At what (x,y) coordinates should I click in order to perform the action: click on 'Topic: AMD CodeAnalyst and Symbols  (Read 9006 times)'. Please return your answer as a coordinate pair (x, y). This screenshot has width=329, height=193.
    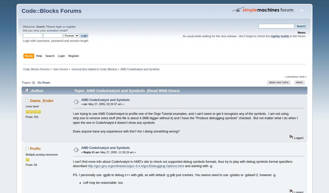
    Looking at the image, I should click on (126, 90).